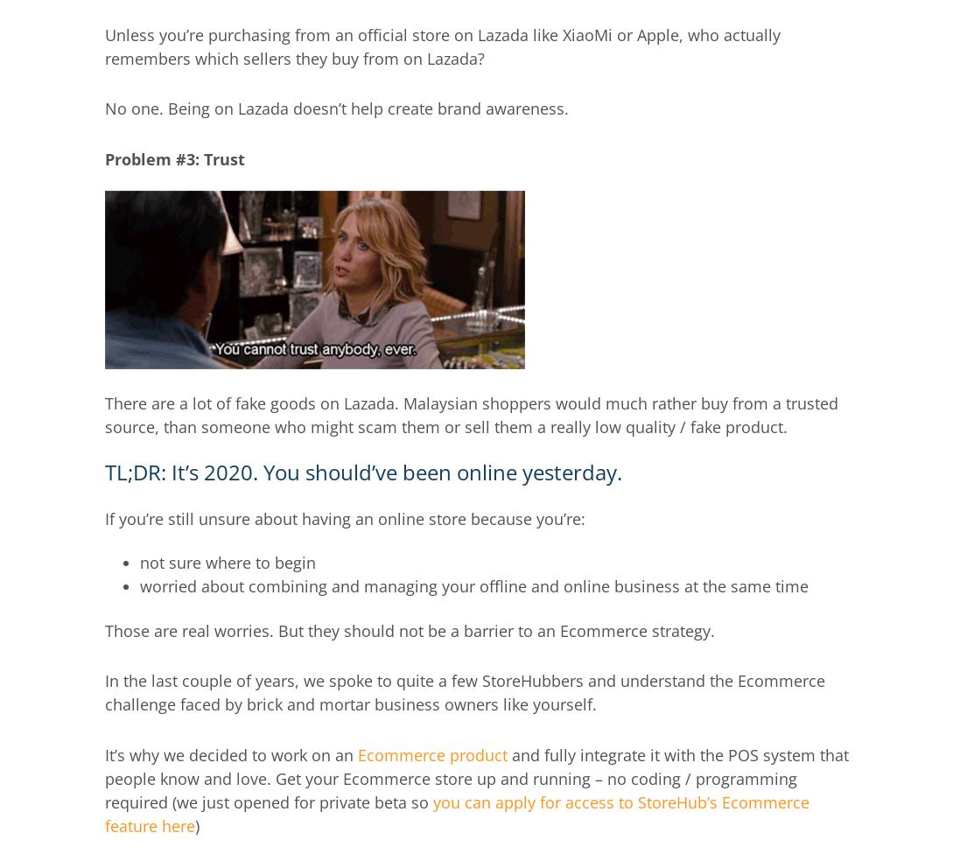 The height and width of the screenshot is (854, 967). Describe the element at coordinates (140, 584) in the screenshot. I see `'worried about combining and managing your offline and online business at the same time'` at that location.